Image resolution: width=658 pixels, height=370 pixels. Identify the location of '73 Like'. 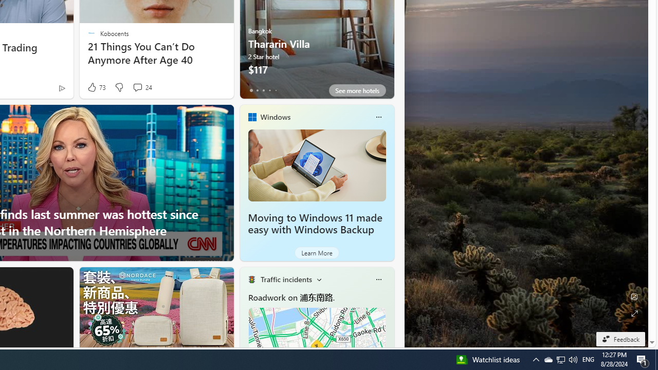
(96, 87).